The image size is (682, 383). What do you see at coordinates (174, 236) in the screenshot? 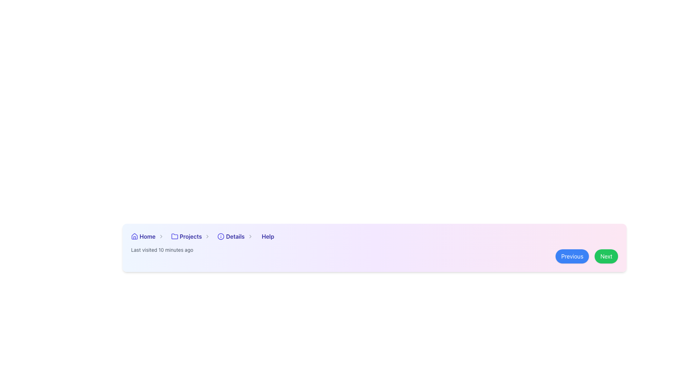
I see `the Folder icon in the breadcrumb navigation, which is located between the 'Home' icon and the 'Details' item` at bounding box center [174, 236].